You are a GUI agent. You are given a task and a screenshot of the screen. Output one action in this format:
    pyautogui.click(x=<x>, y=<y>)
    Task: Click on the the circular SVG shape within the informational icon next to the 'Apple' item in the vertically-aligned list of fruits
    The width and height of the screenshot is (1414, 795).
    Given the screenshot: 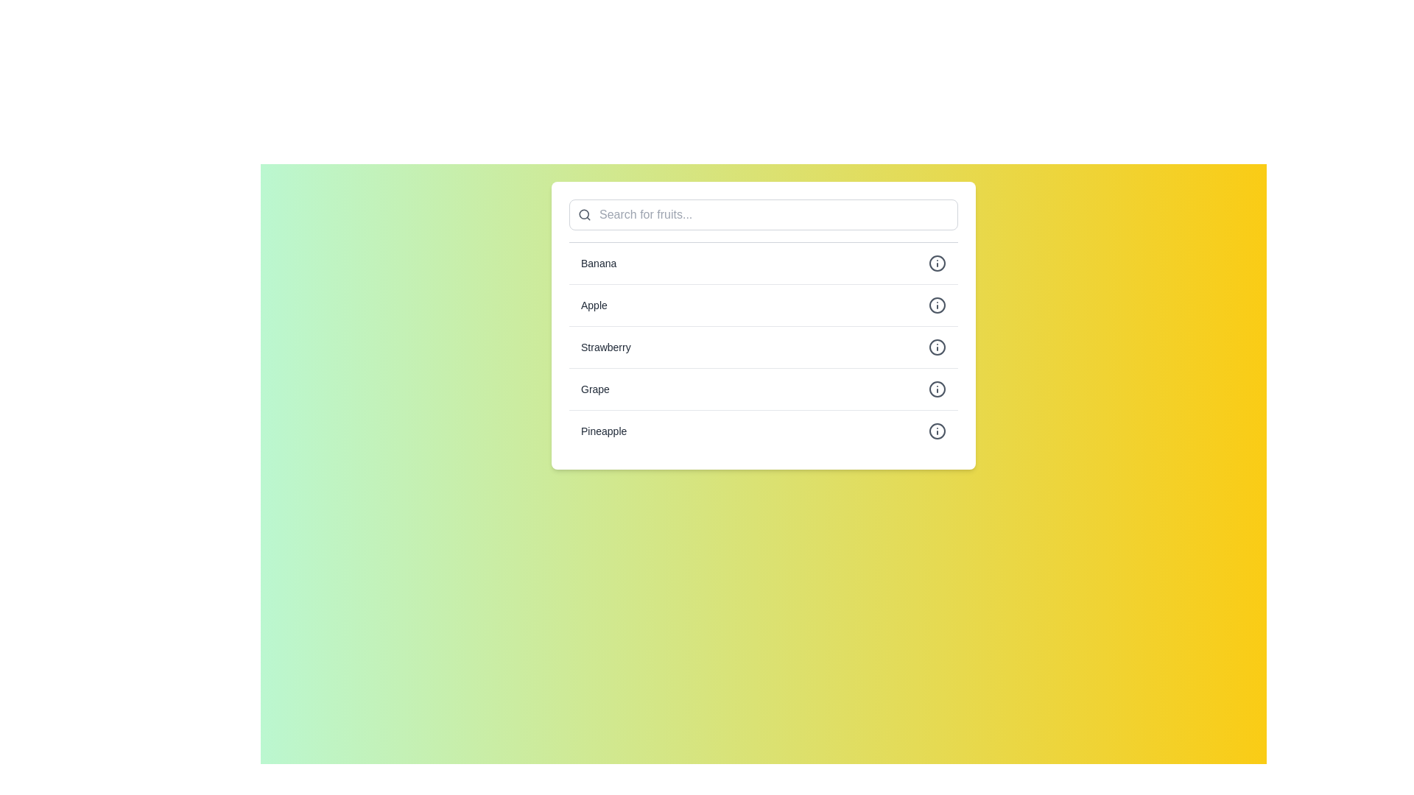 What is the action you would take?
    pyautogui.click(x=936, y=305)
    